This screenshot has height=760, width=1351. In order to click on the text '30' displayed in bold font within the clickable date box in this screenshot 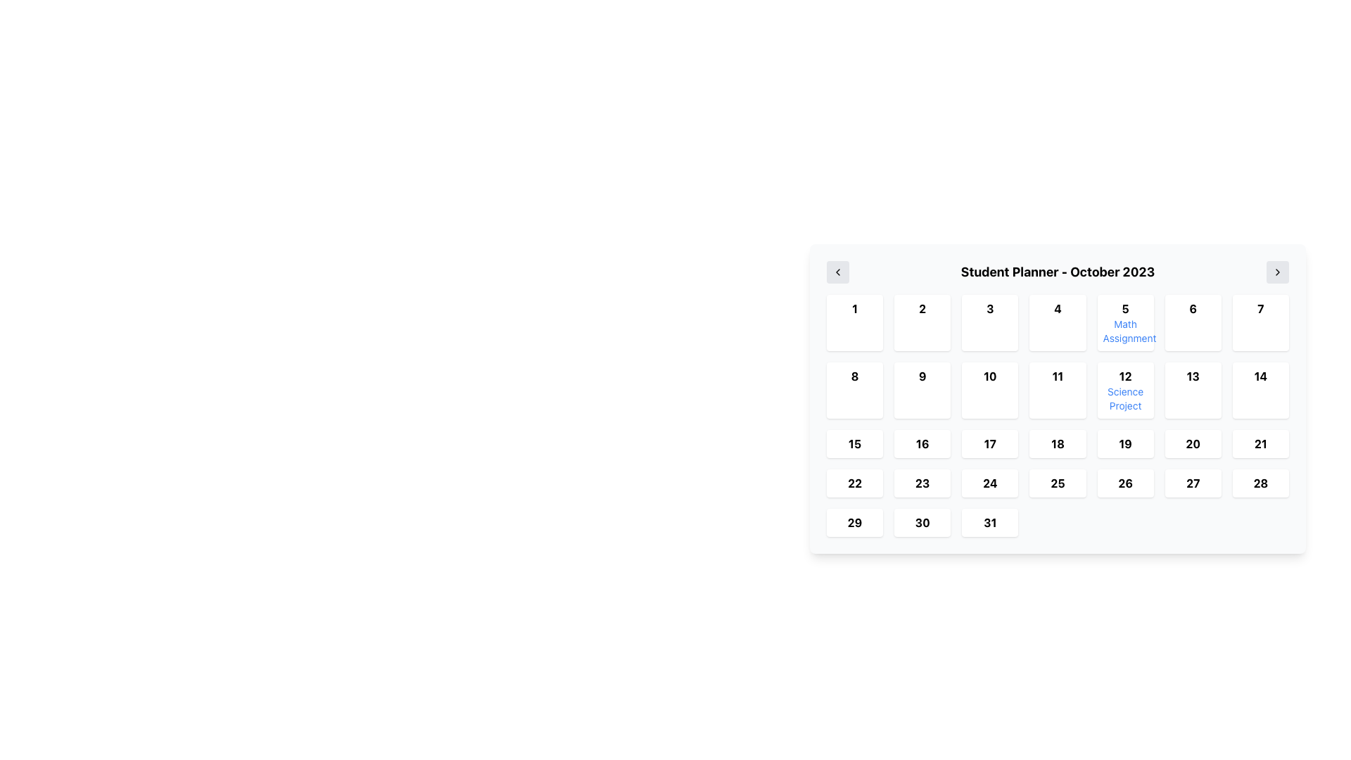, I will do `click(922, 523)`.